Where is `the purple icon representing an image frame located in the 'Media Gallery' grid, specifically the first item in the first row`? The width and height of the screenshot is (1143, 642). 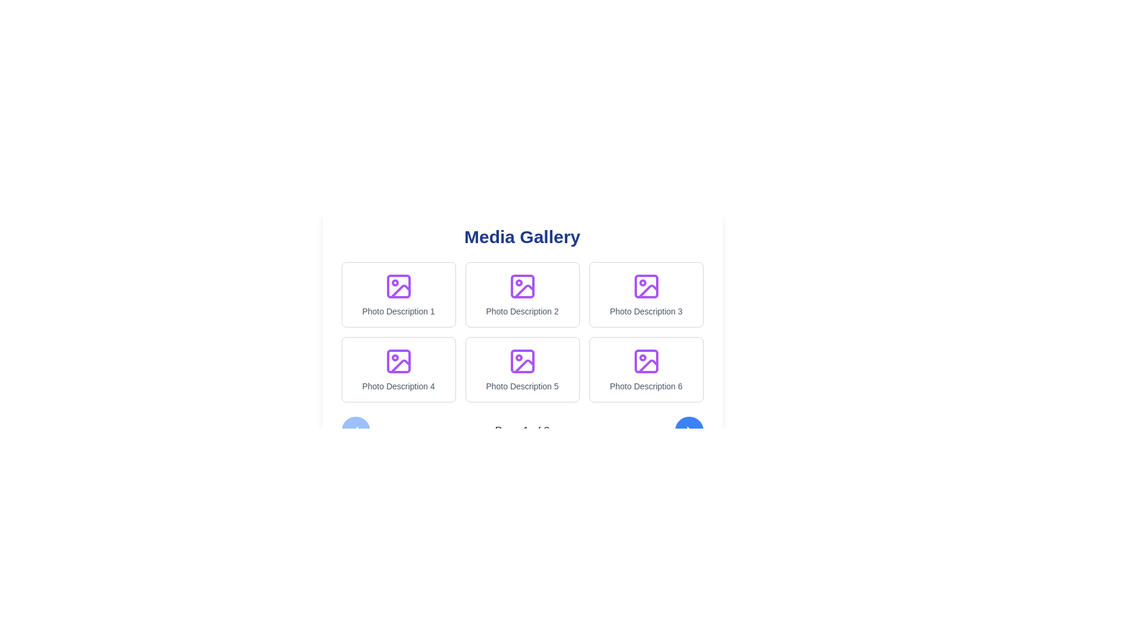 the purple icon representing an image frame located in the 'Media Gallery' grid, specifically the first item in the first row is located at coordinates (400, 291).